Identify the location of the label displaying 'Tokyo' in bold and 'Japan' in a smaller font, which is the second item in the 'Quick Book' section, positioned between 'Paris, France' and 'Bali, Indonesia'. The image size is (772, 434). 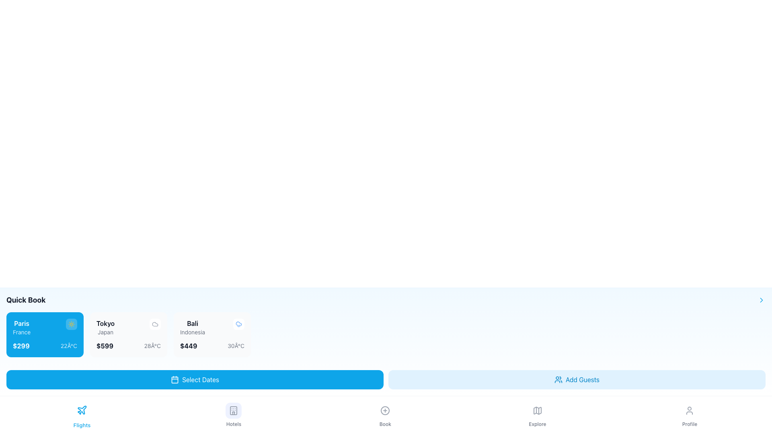
(105, 327).